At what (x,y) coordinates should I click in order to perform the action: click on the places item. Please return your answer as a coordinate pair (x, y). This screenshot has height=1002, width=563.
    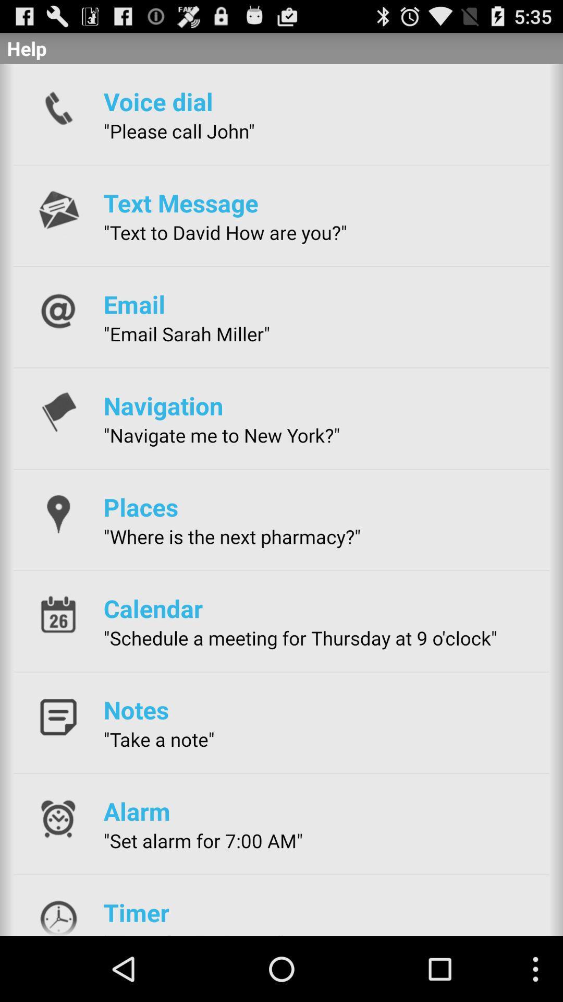
    Looking at the image, I should click on (141, 507).